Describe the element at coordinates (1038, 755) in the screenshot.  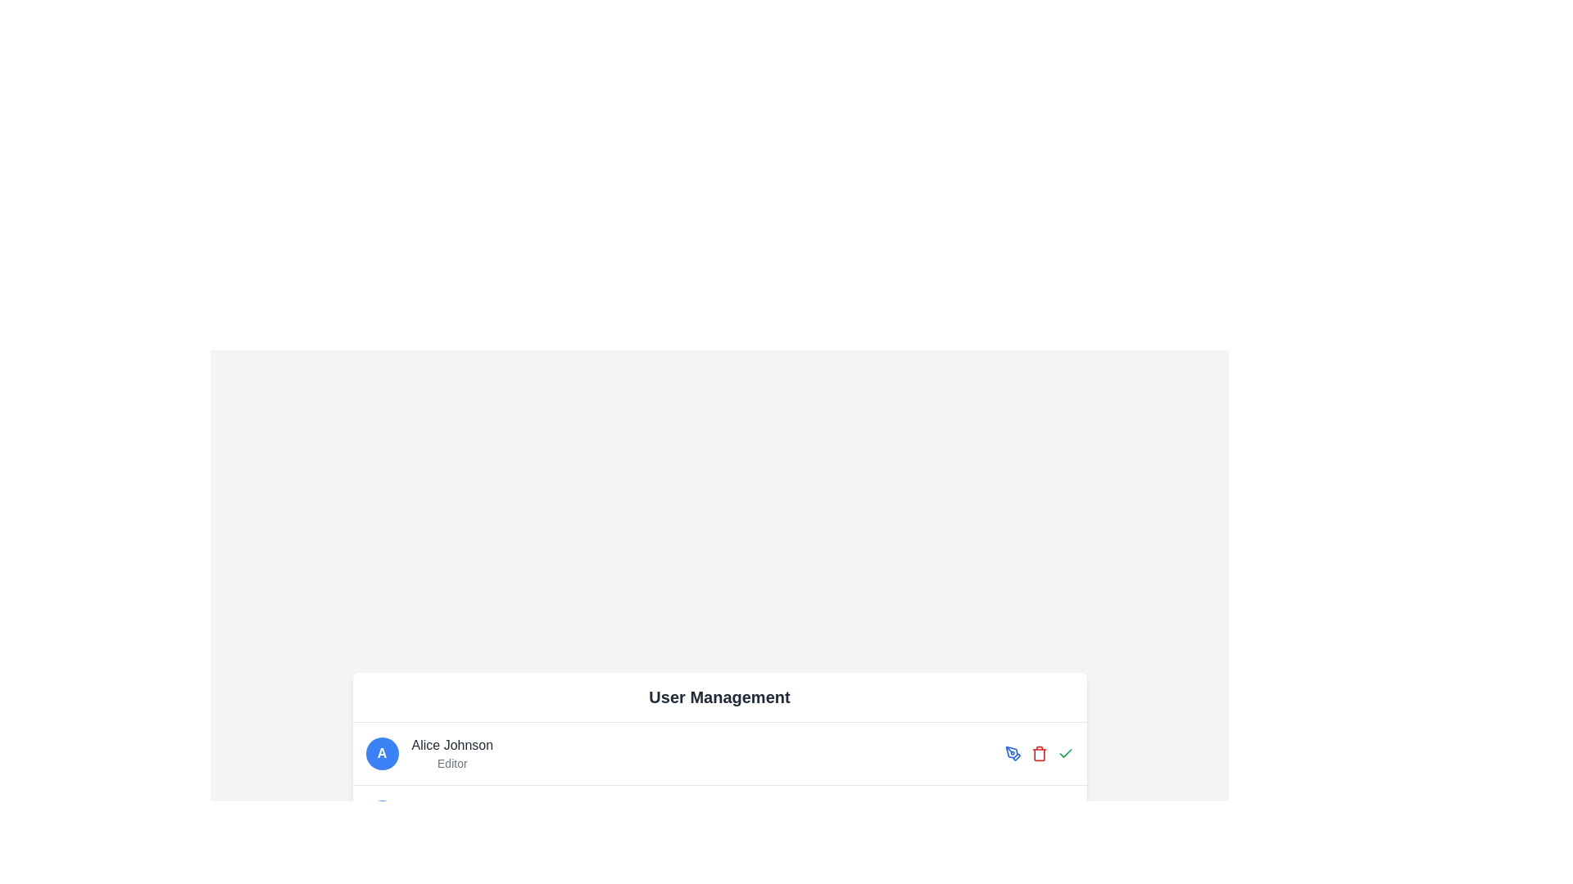
I see `the red trash bin icon` at that location.